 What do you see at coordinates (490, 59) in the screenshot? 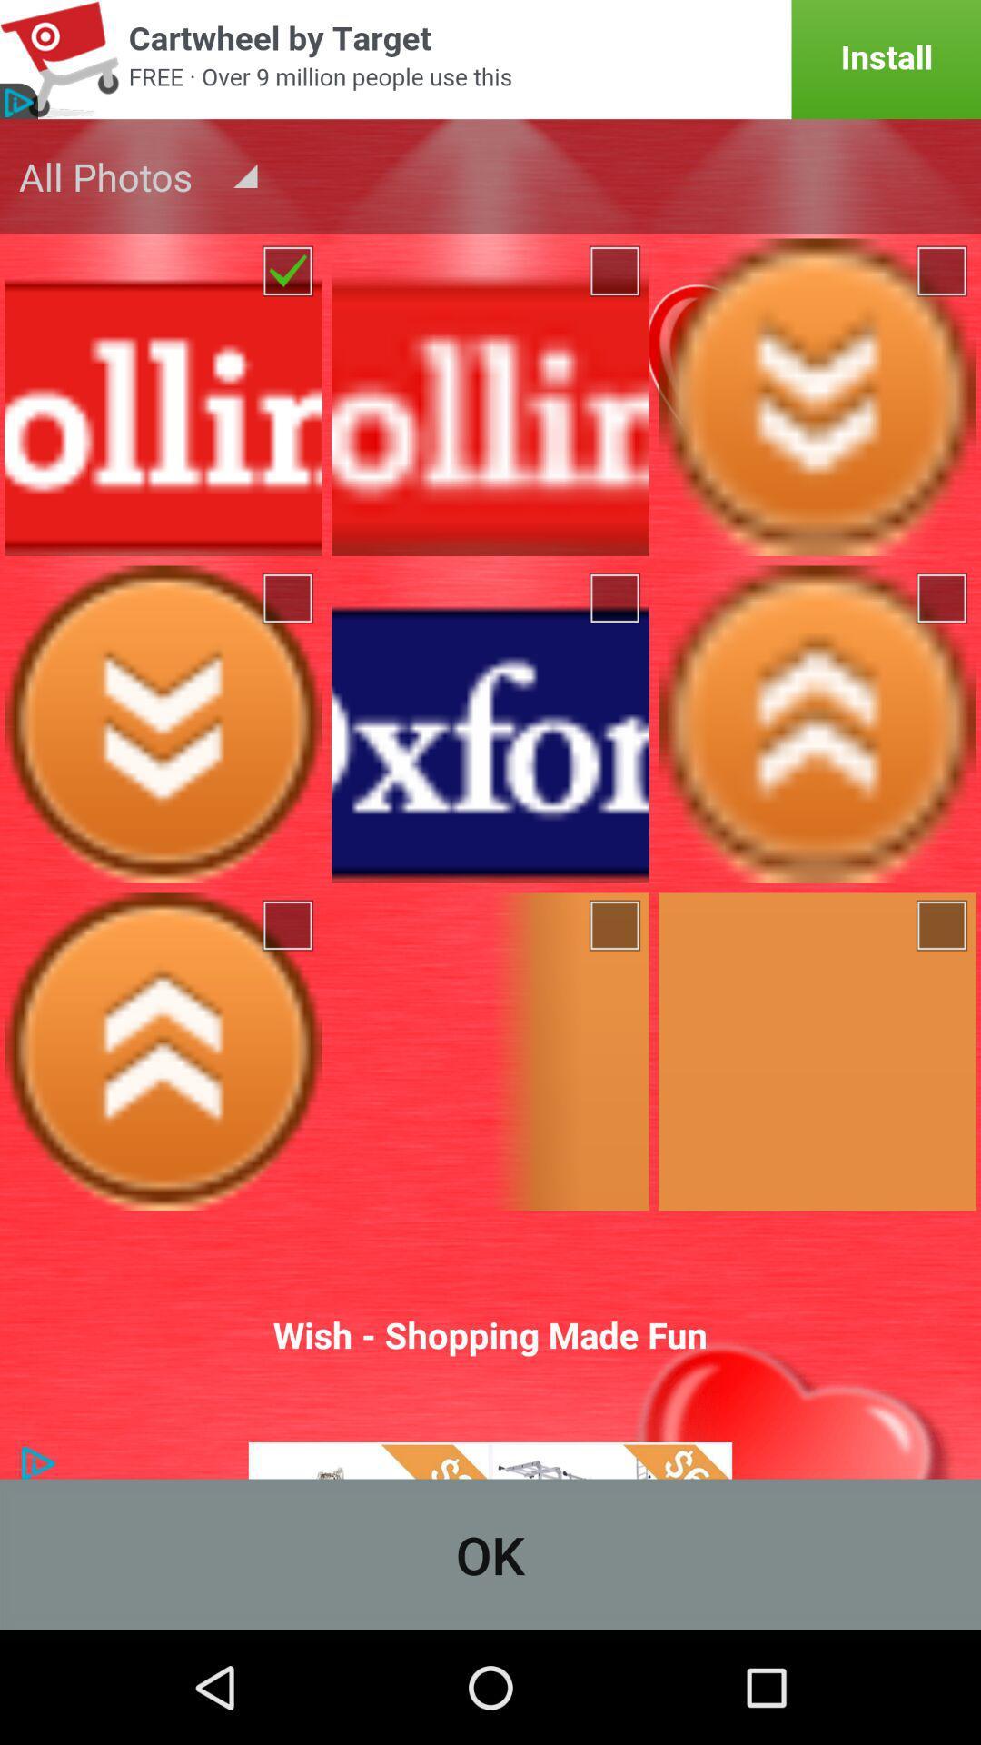
I see `the advertisement` at bounding box center [490, 59].